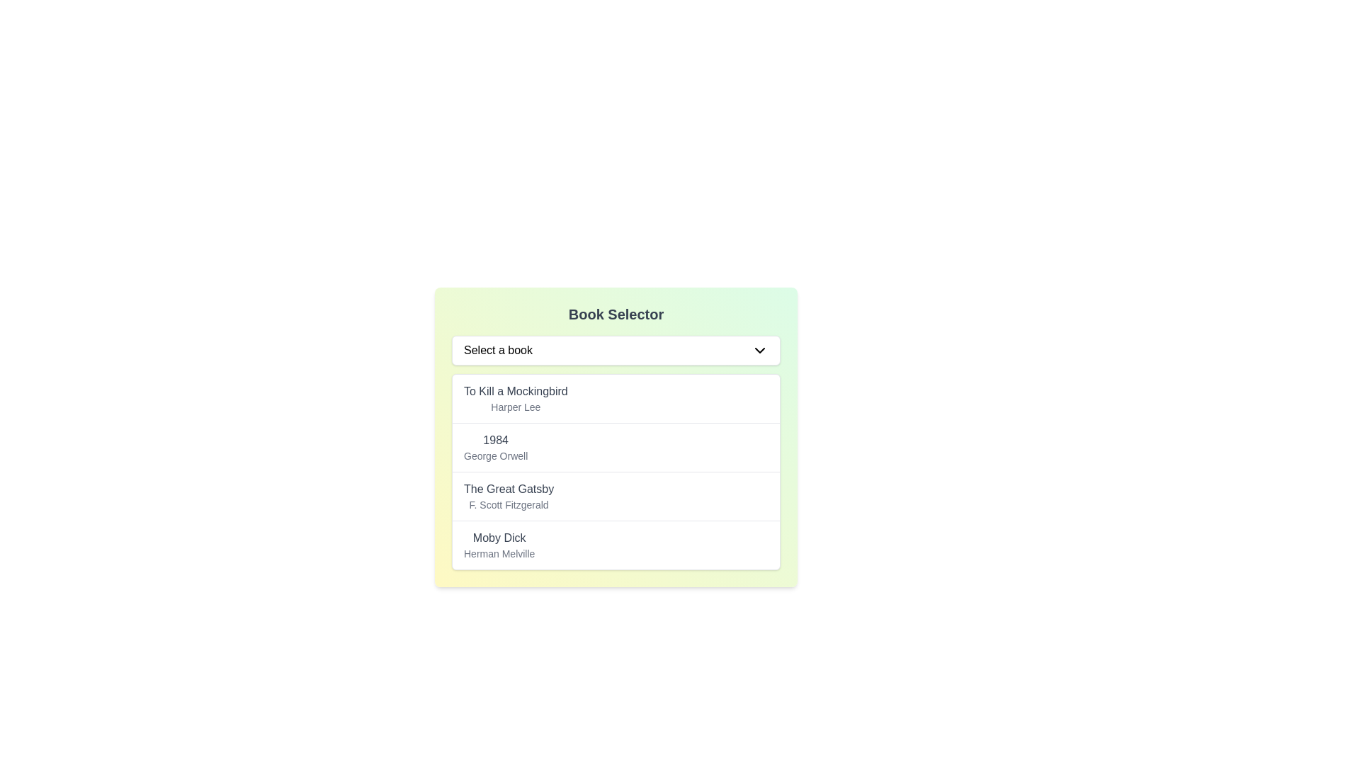 The height and width of the screenshot is (765, 1360). Describe the element at coordinates (616, 494) in the screenshot. I see `the list item displaying 'The Great Gatsby' in the 'Book Selector' drop-down menu` at that location.